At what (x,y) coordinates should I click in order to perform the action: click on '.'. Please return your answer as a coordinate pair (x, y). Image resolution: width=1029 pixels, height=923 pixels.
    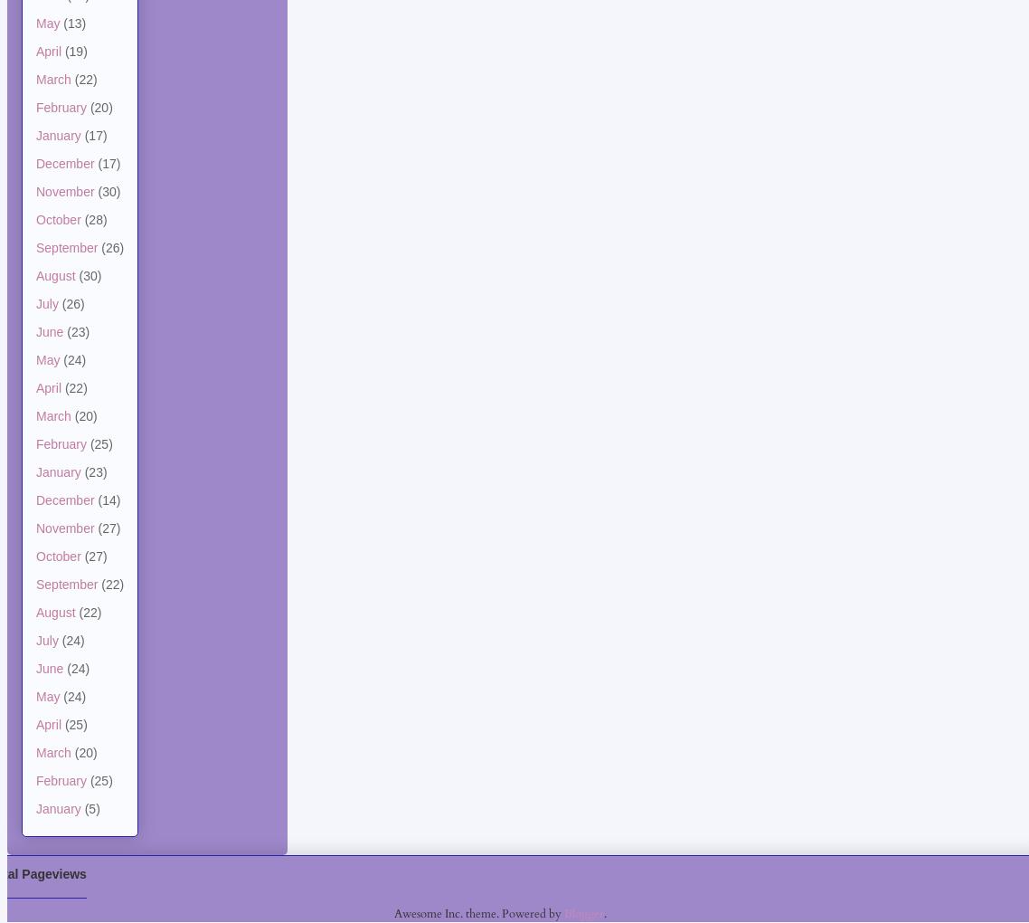
    Looking at the image, I should click on (603, 912).